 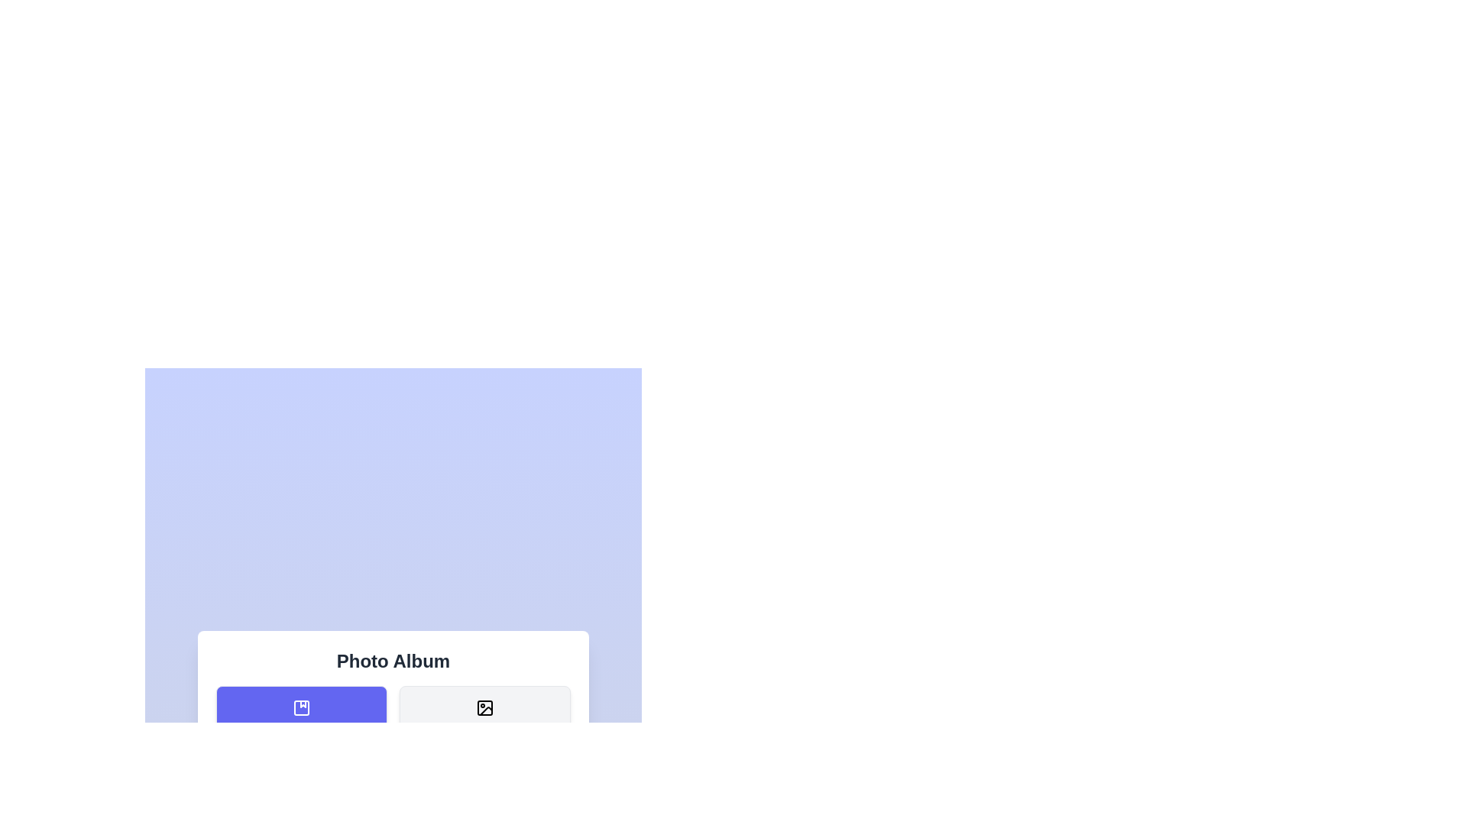 What do you see at coordinates (301, 719) in the screenshot?
I see `the Albums button to navigate to the corresponding tab` at bounding box center [301, 719].